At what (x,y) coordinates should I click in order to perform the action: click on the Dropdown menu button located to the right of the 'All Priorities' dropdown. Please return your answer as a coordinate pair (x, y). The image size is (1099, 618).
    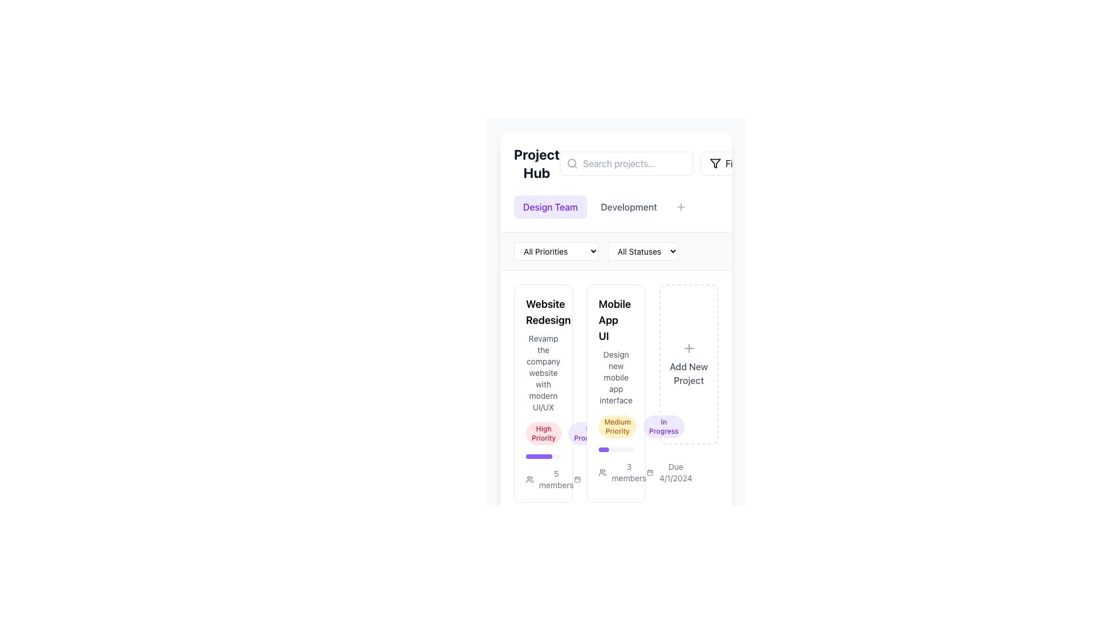
    Looking at the image, I should click on (643, 251).